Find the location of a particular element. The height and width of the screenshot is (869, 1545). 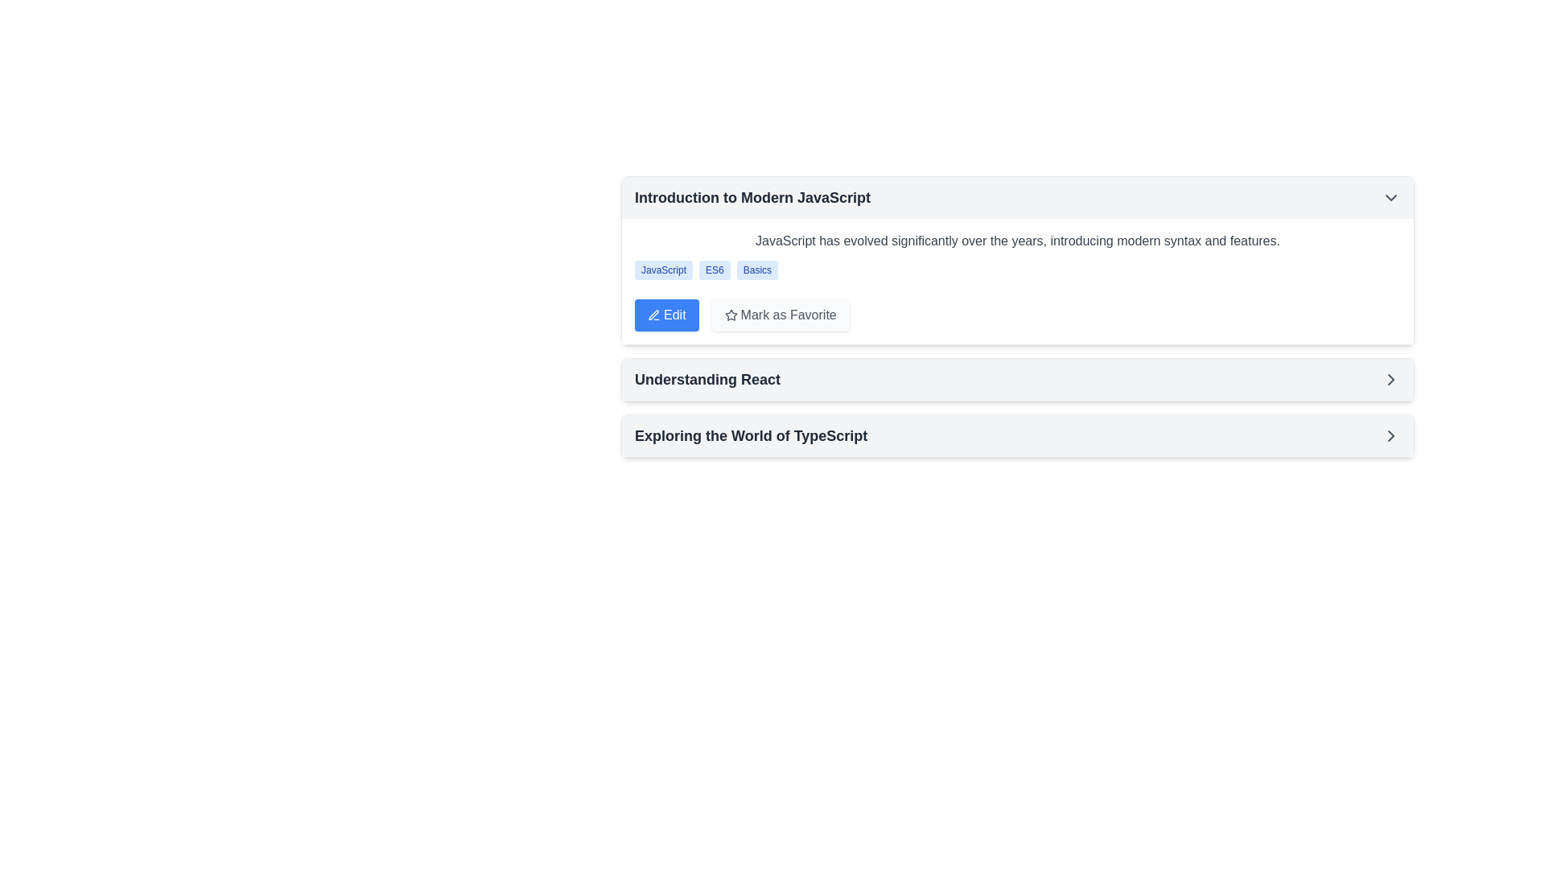

the decorative icon within the 'Mark as Favorite' button, located immediately to the right of the blue 'Edit' button in the 'Introduction to Modern JavaScript' section is located at coordinates (729, 315).